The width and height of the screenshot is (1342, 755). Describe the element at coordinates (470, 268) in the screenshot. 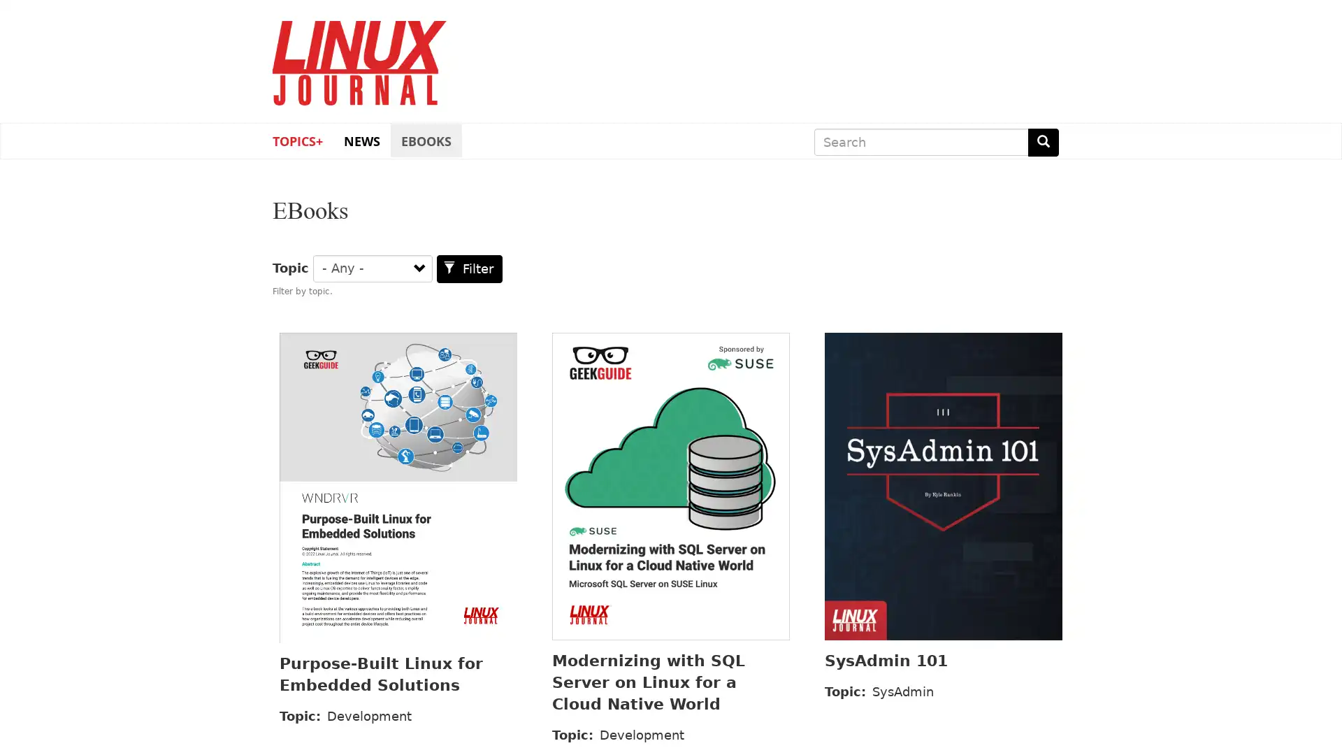

I see `Filter` at that location.